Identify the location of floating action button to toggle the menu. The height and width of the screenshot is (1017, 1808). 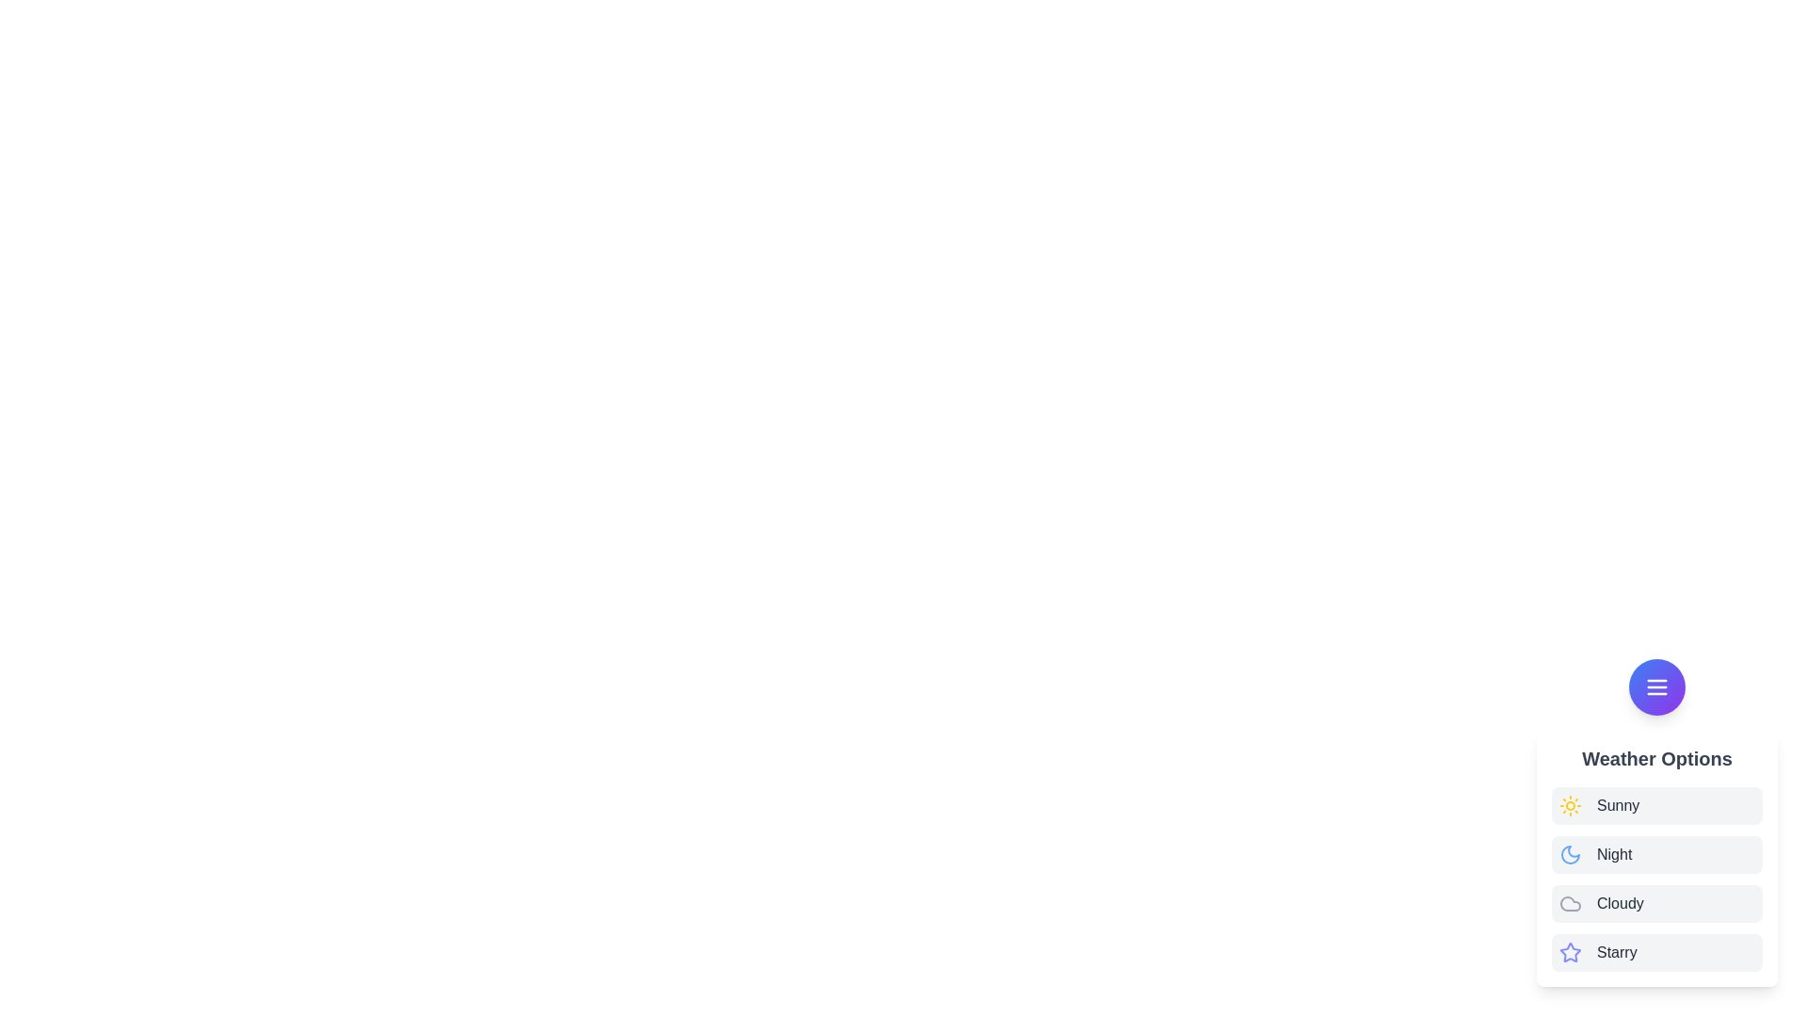
(1657, 686).